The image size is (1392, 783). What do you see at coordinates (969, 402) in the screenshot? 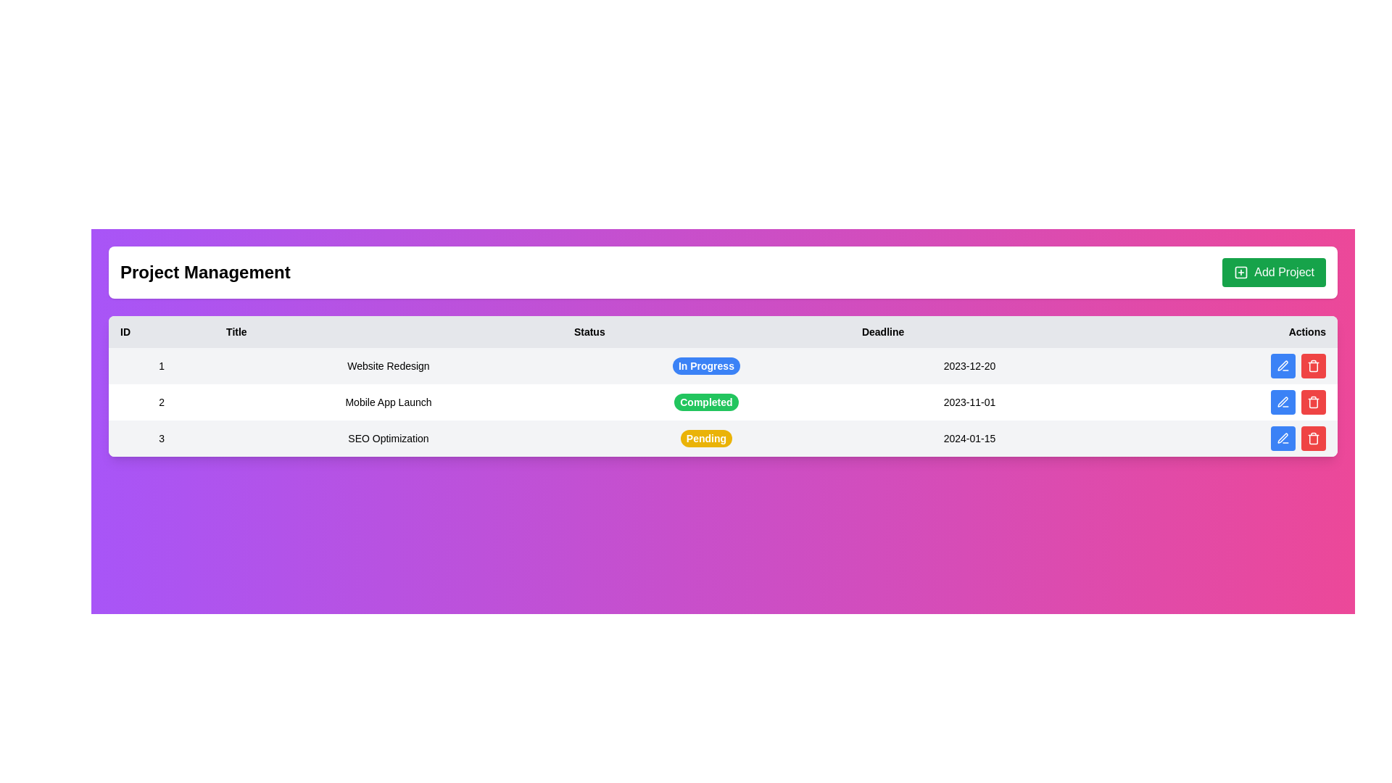
I see `the table cell displaying '2023-11-01' in the 'Deadline' column, which is the fourth data cell in its row` at bounding box center [969, 402].